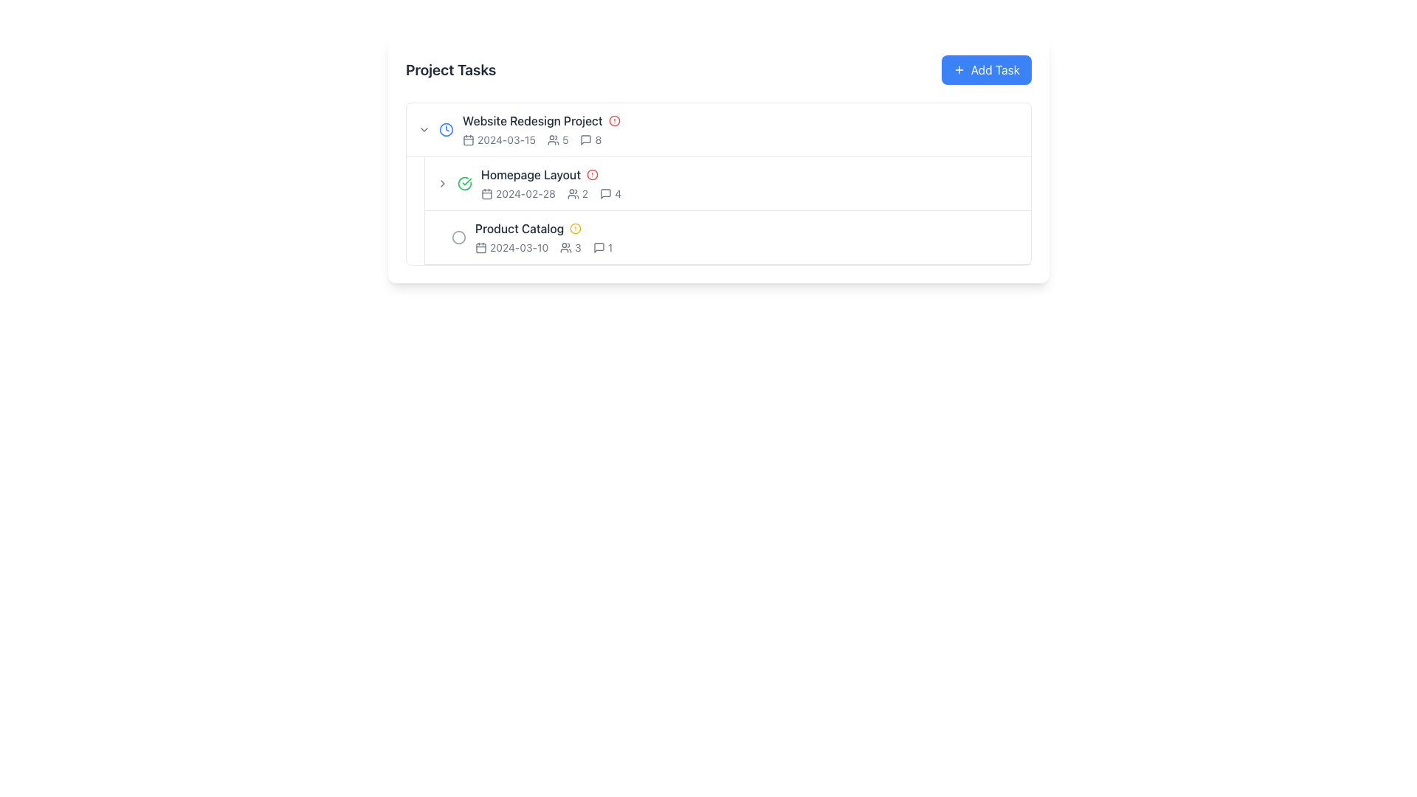  I want to click on the circular icon that visually represents a task's status or type, located near the beginning of the 'Product Catalog' row in the task list, so click(458, 236).